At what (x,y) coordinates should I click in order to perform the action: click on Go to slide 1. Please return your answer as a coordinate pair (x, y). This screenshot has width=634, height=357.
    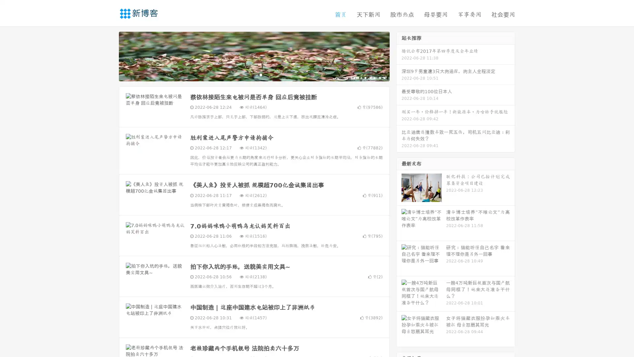
    Looking at the image, I should click on (247, 74).